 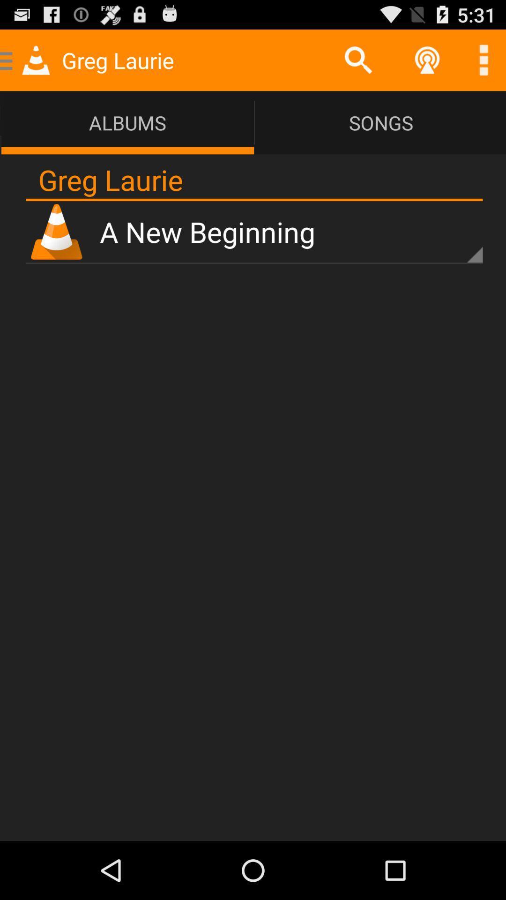 I want to click on options, so click(x=484, y=60).